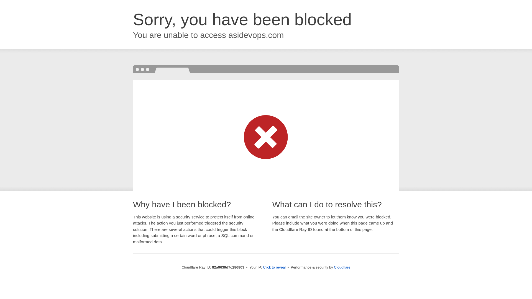 The image size is (532, 299). Describe the element at coordinates (274, 267) in the screenshot. I see `'Click to reveal'` at that location.